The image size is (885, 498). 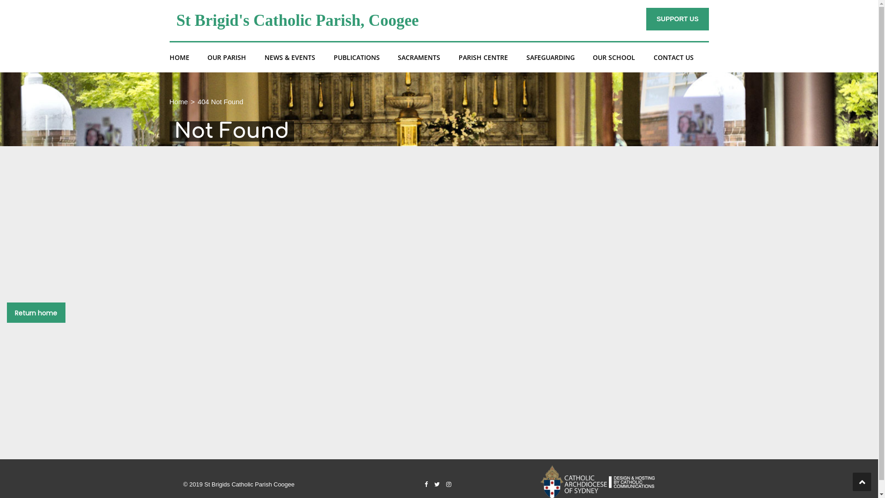 I want to click on 'Twitter', so click(x=437, y=484).